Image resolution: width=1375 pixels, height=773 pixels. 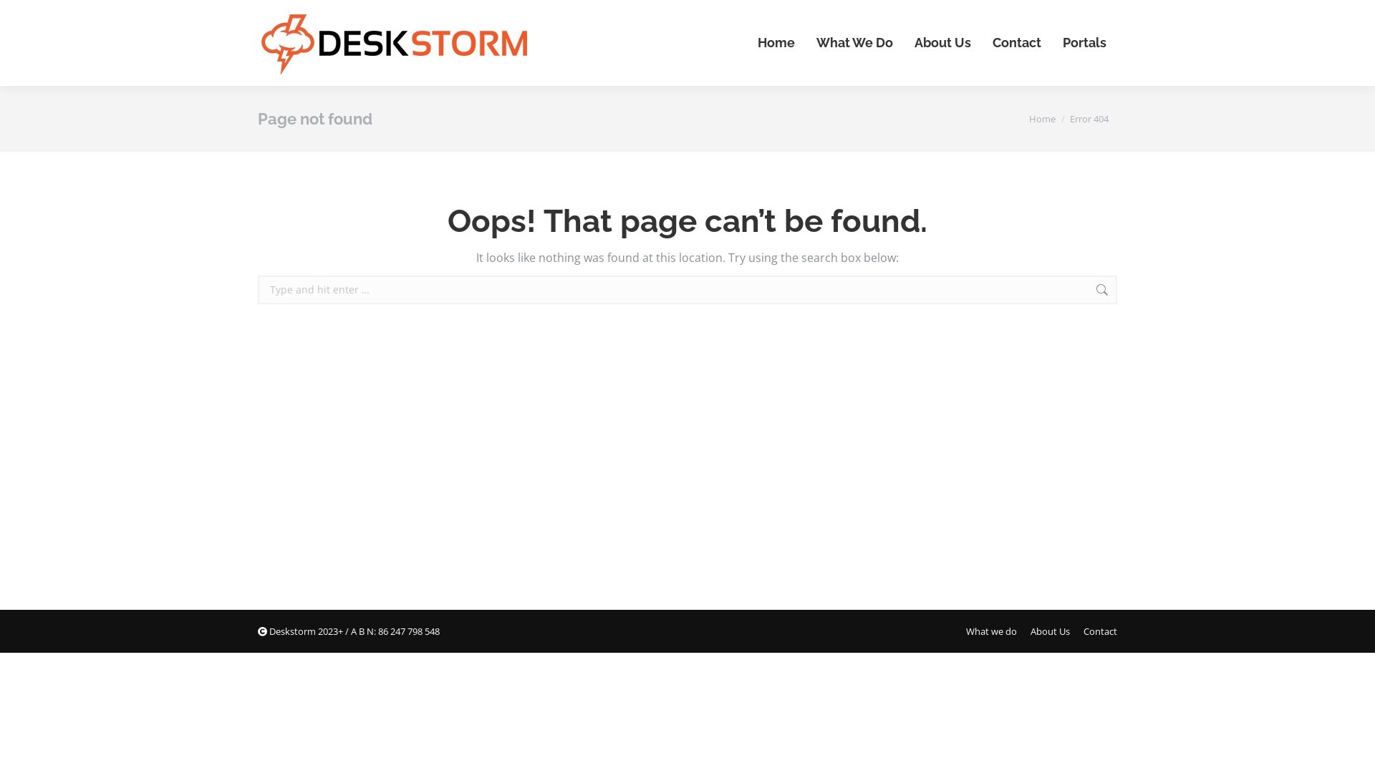 What do you see at coordinates (1016, 42) in the screenshot?
I see `'Contact'` at bounding box center [1016, 42].